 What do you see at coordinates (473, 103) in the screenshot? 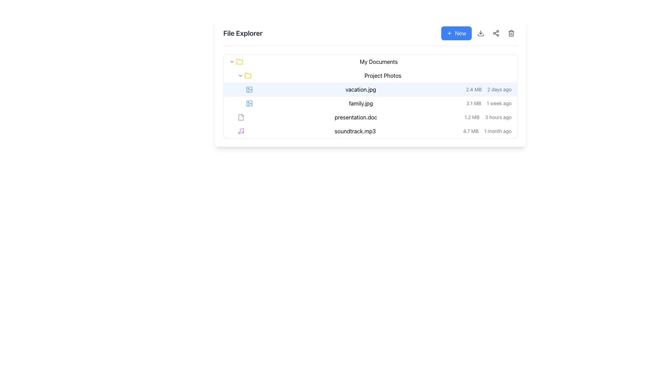
I see `the text label displaying the file size '3.1 MB', which is located in the second row of items under the 'family.jpg' file, positioned to the right of the file name and to the left of the date label '1 week ago'` at bounding box center [473, 103].